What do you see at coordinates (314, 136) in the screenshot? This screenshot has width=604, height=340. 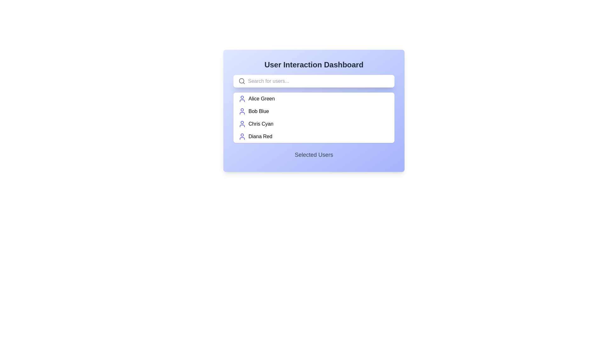 I see `the list item representing the user 'Diana Red'` at bounding box center [314, 136].